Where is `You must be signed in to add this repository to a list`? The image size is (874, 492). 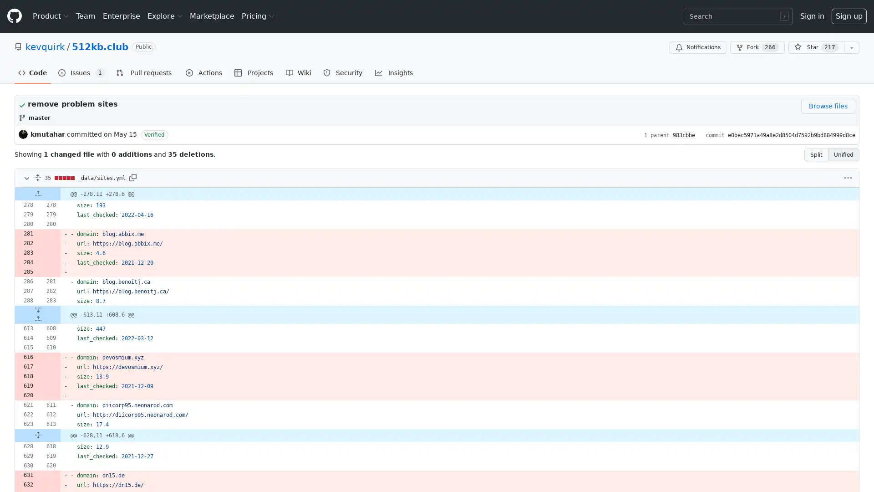 You must be signed in to add this repository to a list is located at coordinates (851, 47).